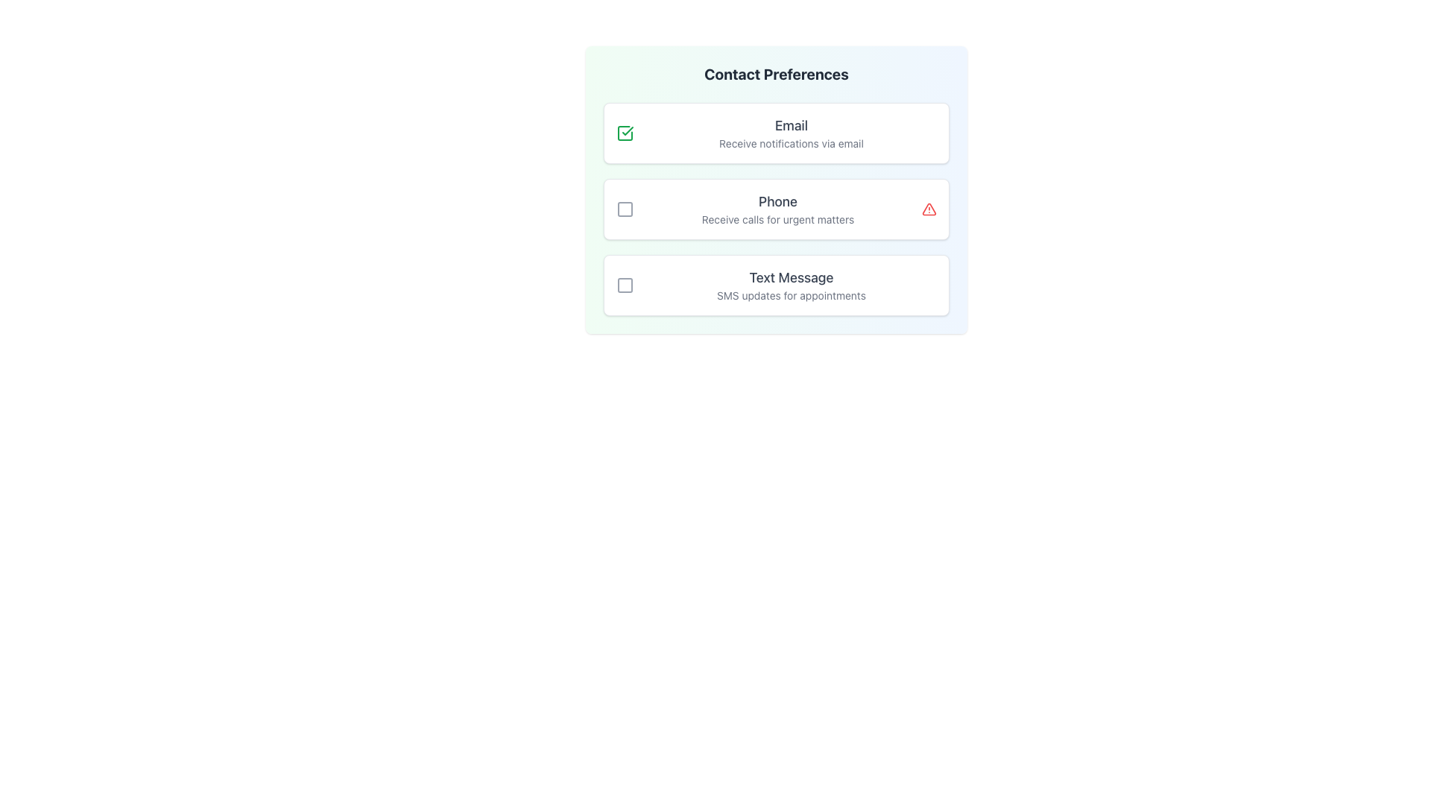 The image size is (1431, 805). I want to click on the checkbox, so click(775, 285).